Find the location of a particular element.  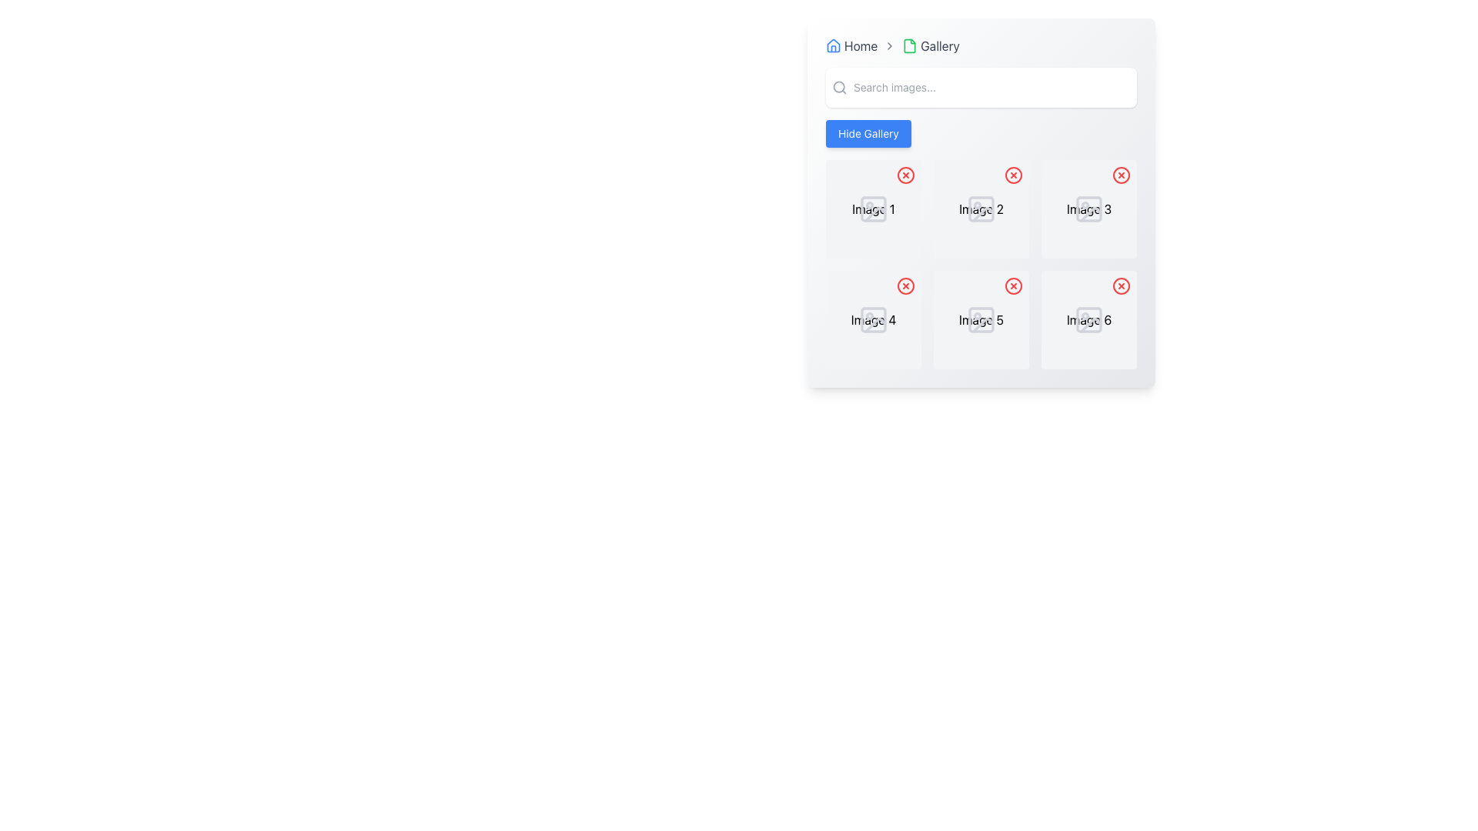

the 'Home' icon in the navigation header bar is located at coordinates (833, 44).